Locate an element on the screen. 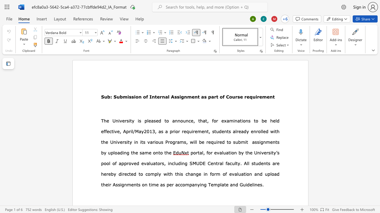 Image resolution: width=380 pixels, height=213 pixels. the space between the continuous character "h" and "a" in the text is located at coordinates (202, 120).